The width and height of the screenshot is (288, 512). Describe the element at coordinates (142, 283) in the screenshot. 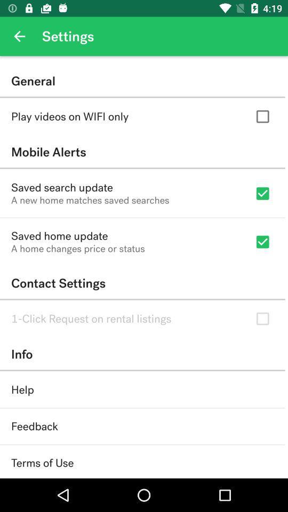

I see `the item below the a home changes item` at that location.